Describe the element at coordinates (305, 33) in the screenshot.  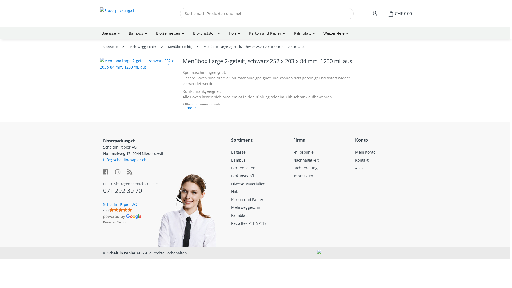
I see `'Palmblatt'` at that location.